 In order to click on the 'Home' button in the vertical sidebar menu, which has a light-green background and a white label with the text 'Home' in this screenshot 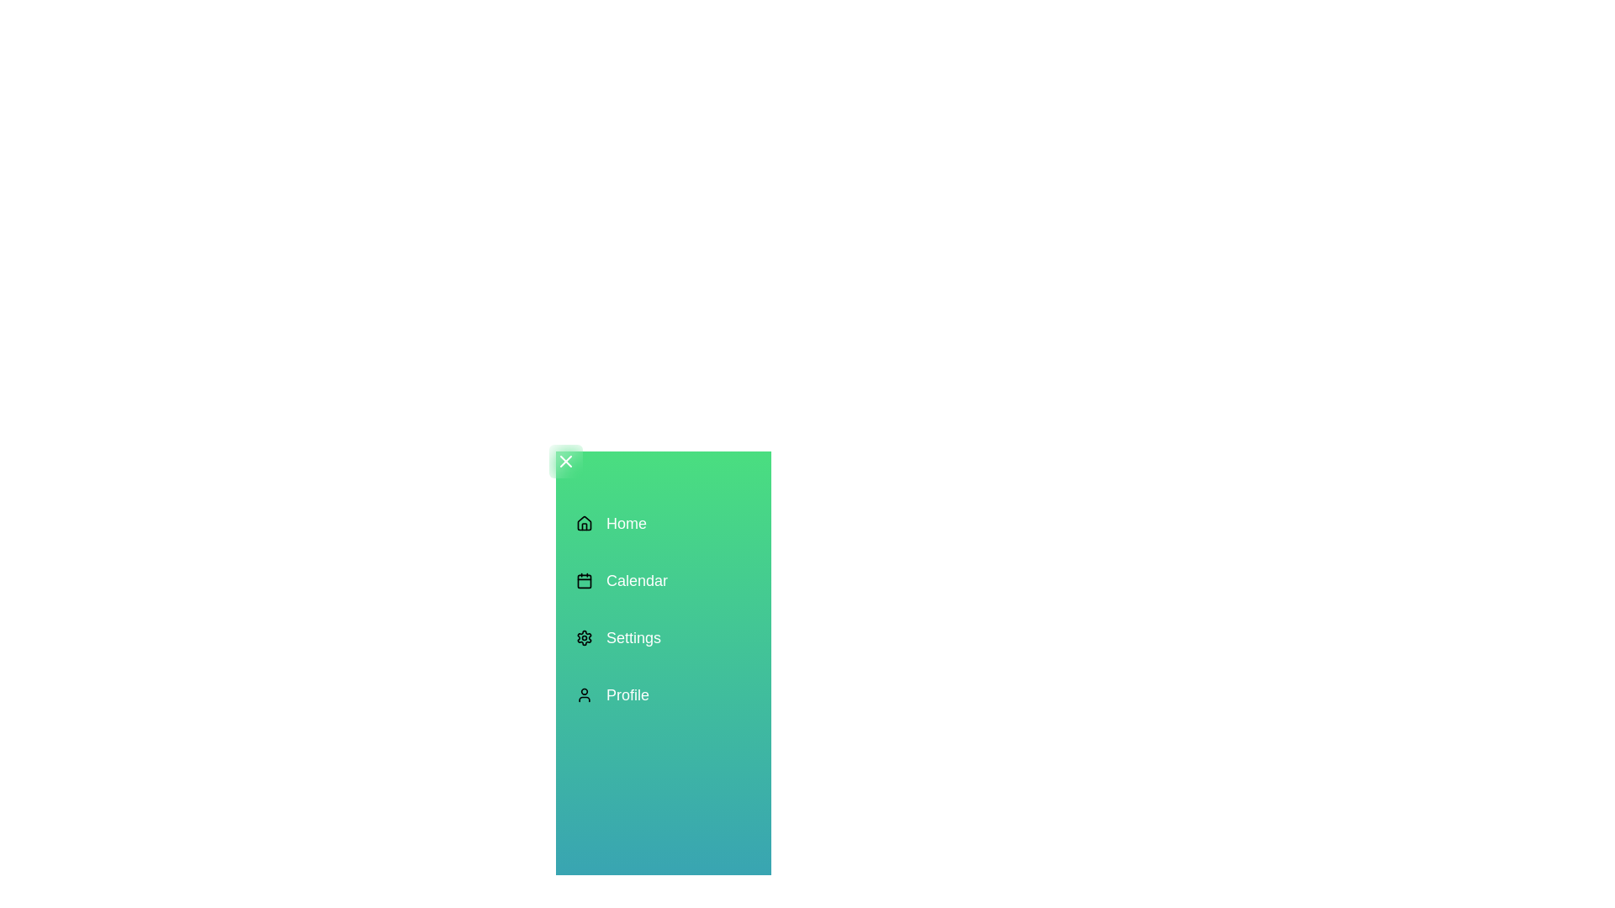, I will do `click(621, 523)`.